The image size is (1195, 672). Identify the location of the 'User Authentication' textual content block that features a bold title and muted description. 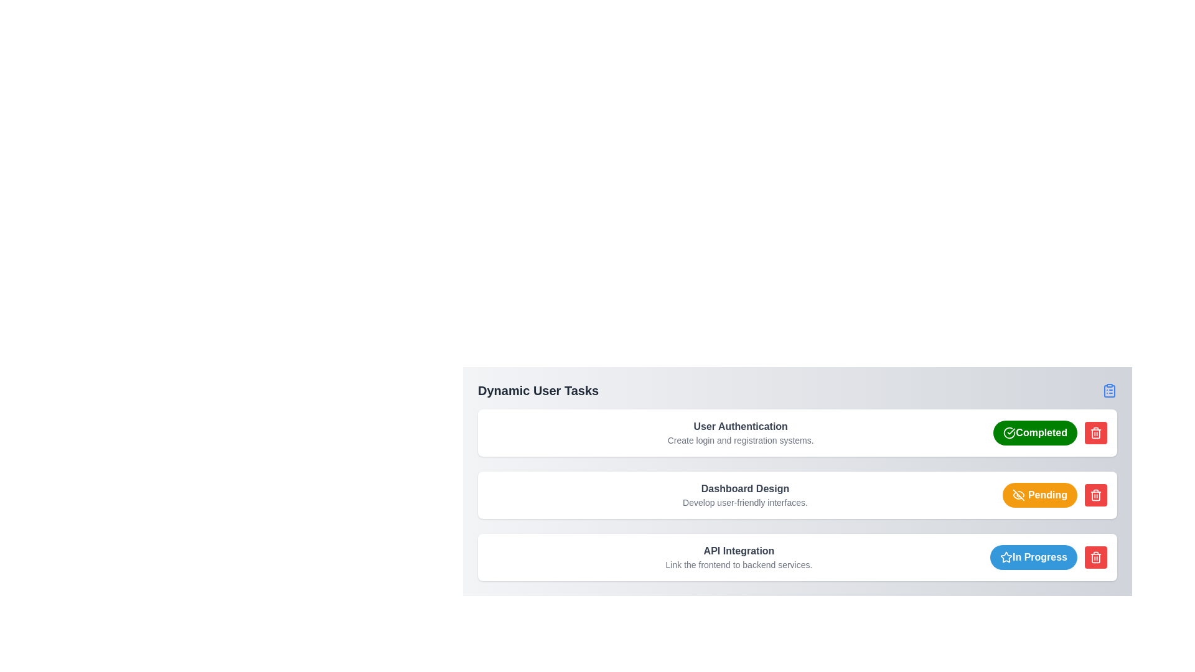
(741, 432).